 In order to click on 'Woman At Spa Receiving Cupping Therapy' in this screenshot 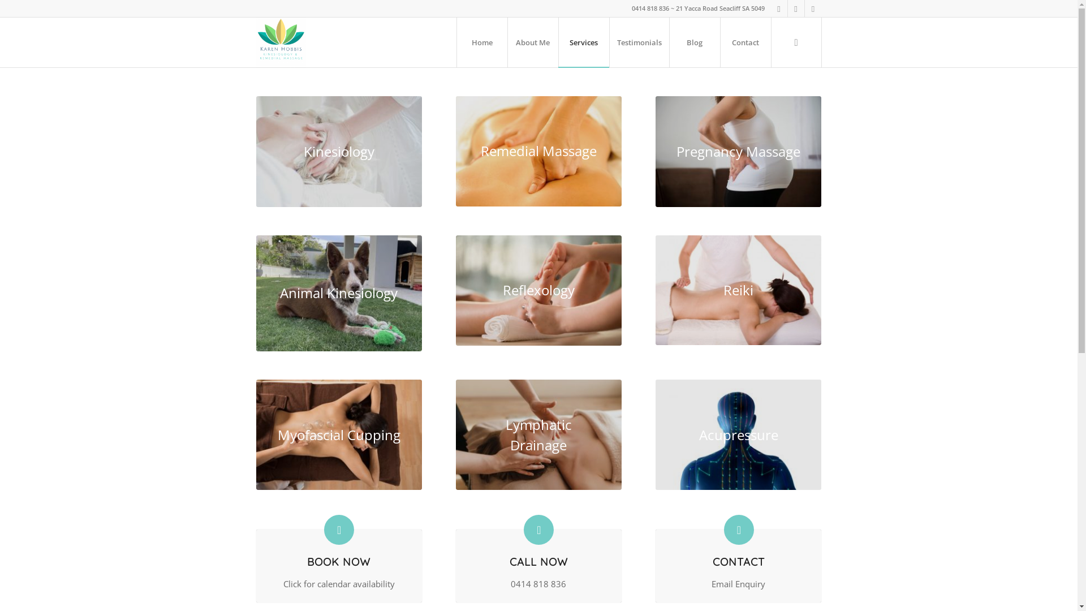, I will do `click(338, 434)`.